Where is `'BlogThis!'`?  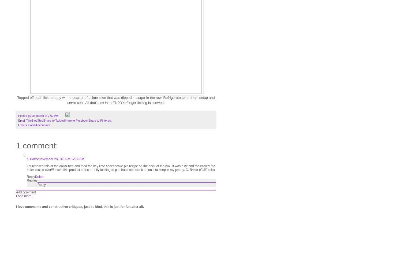 'BlogThis!' is located at coordinates (38, 120).